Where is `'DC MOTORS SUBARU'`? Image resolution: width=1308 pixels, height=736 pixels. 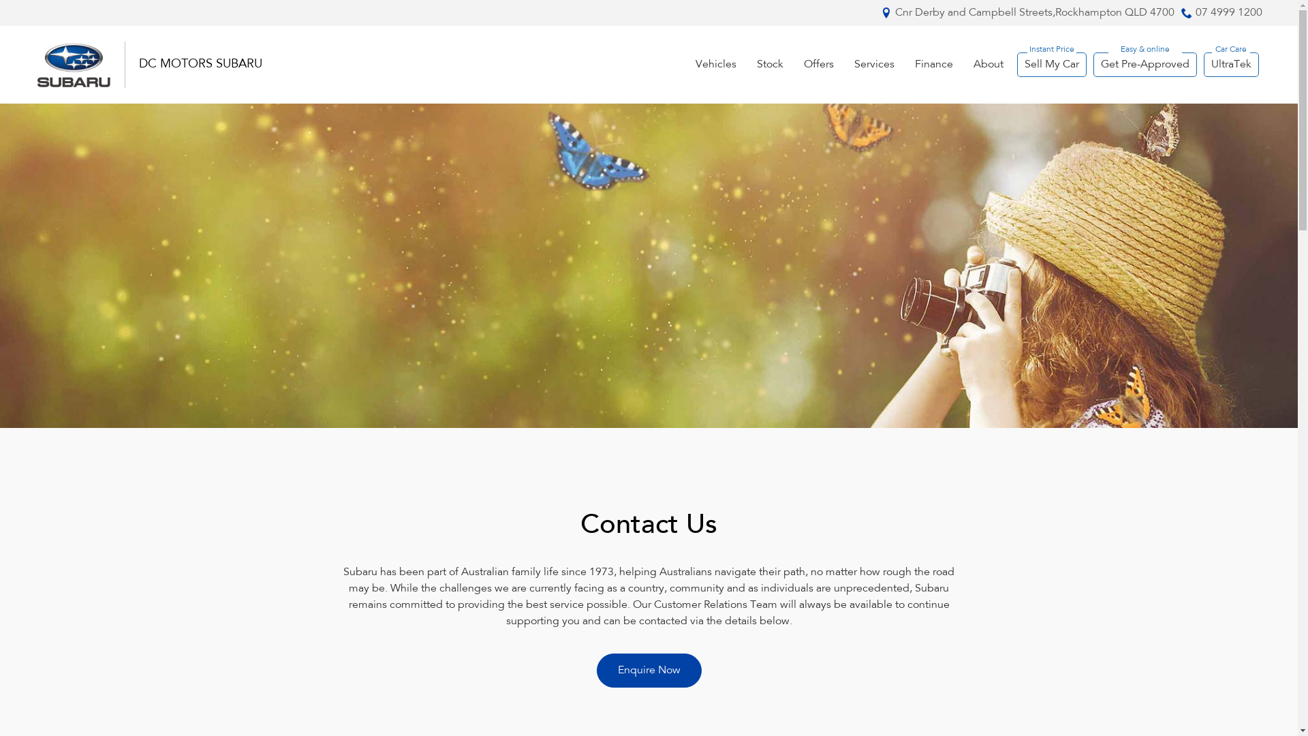
'DC MOTORS SUBARU' is located at coordinates (200, 65).